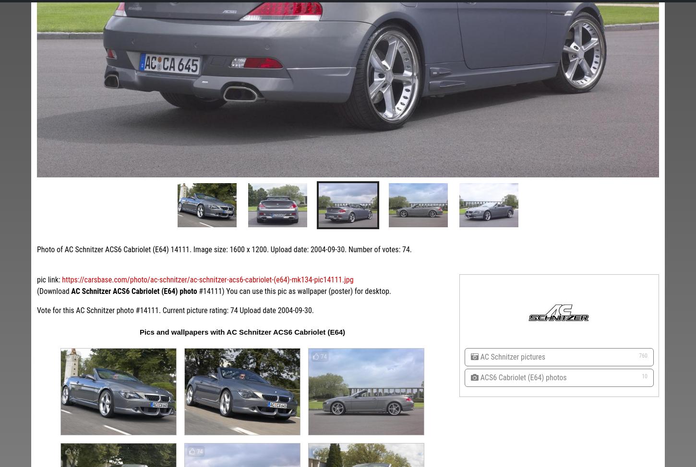  I want to click on 'This week most popular AC Schnitzer pics', so click(89, 130).